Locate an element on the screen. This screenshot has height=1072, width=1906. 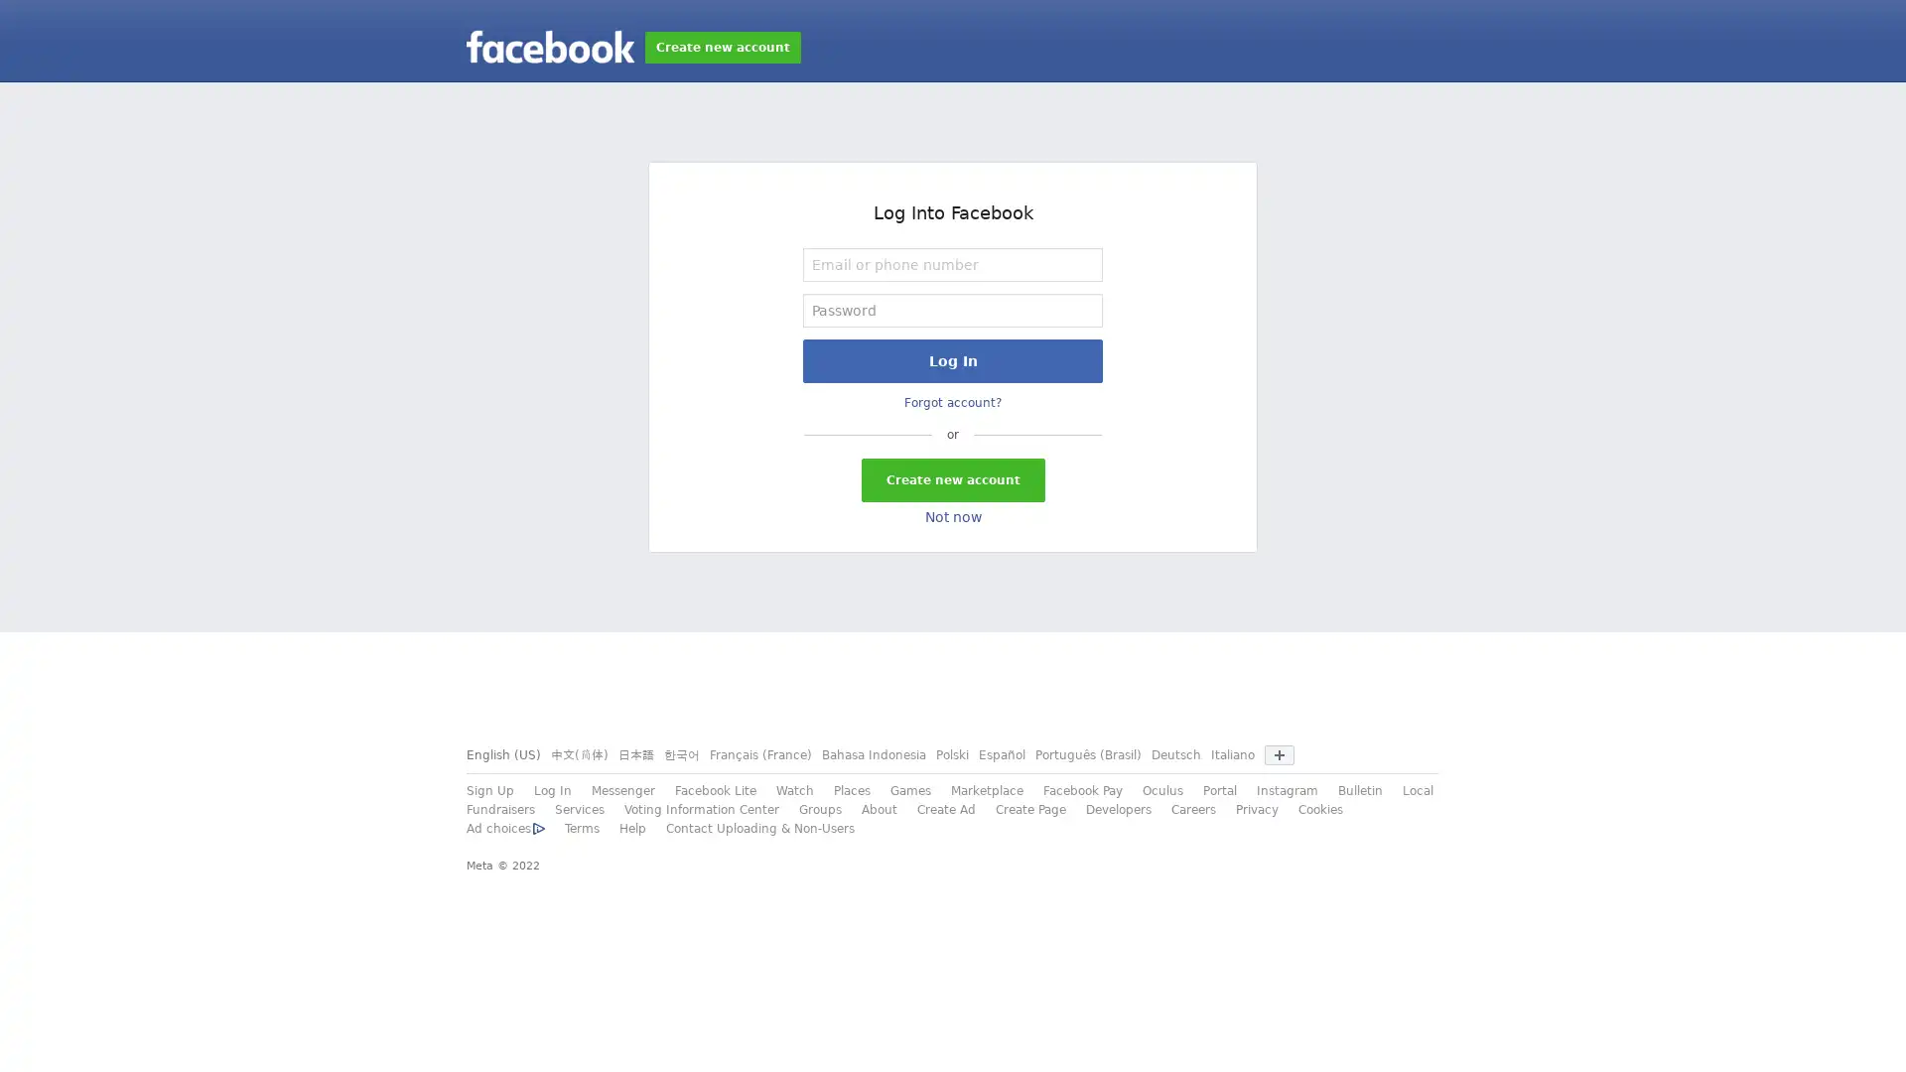
Log In is located at coordinates (953, 360).